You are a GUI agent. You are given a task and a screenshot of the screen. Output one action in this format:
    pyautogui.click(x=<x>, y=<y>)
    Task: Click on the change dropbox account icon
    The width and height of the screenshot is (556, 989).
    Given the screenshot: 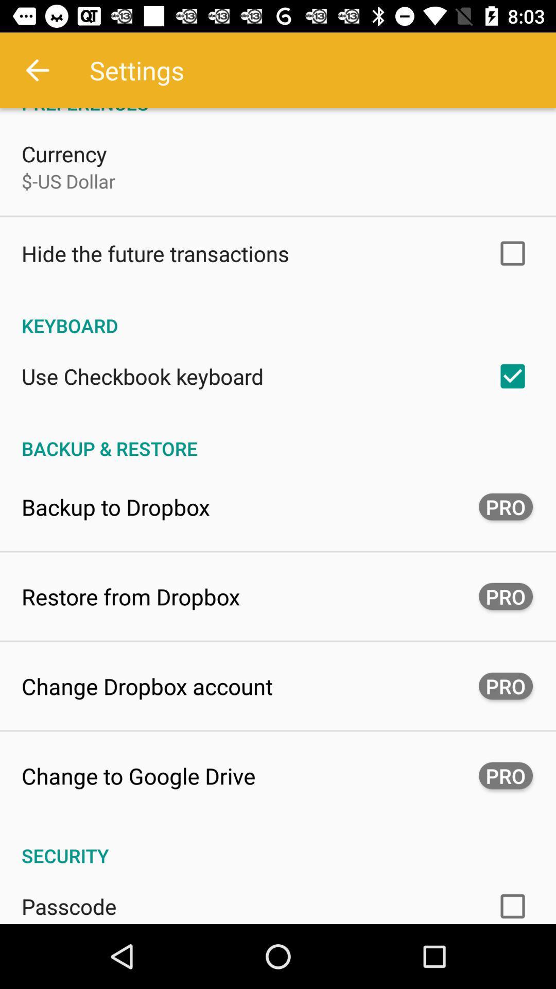 What is the action you would take?
    pyautogui.click(x=147, y=686)
    